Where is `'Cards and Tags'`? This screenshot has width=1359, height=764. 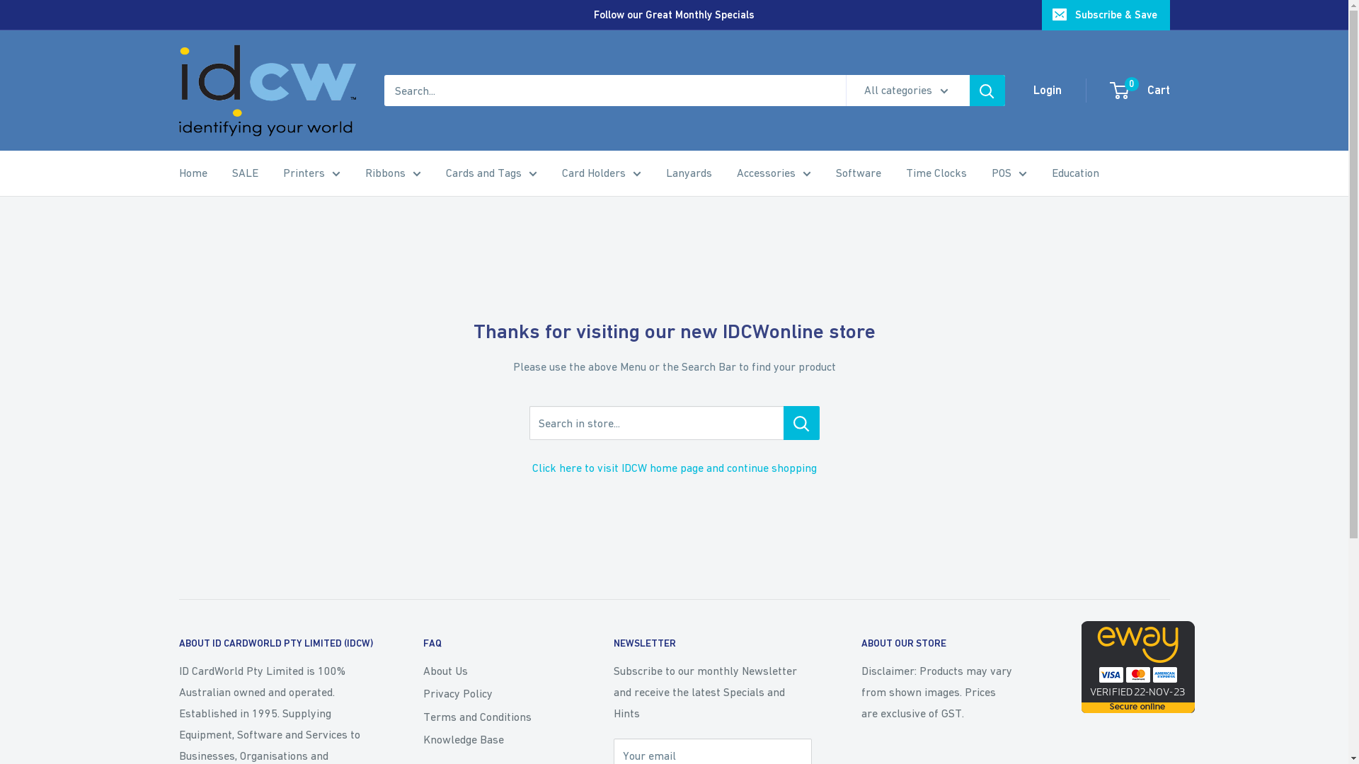 'Cards and Tags' is located at coordinates (491, 173).